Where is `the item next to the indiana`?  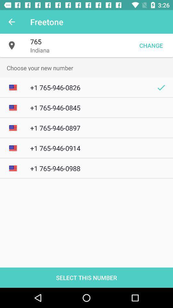
the item next to the indiana is located at coordinates (151, 45).